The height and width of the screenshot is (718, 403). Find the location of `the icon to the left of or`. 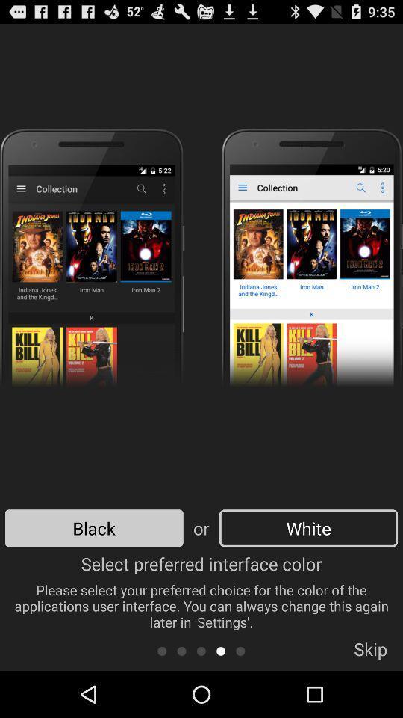

the icon to the left of or is located at coordinates (94, 528).